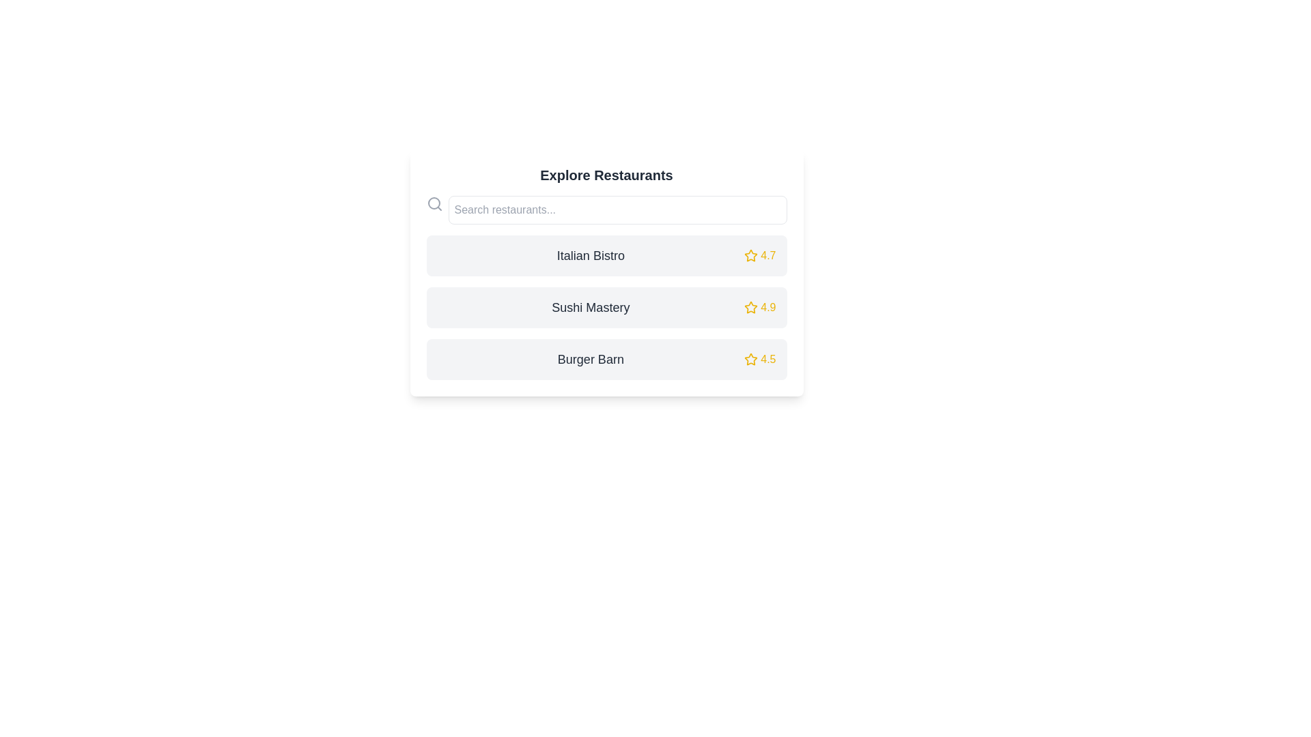  I want to click on the 'Burger Barn' text label, so click(591, 359).